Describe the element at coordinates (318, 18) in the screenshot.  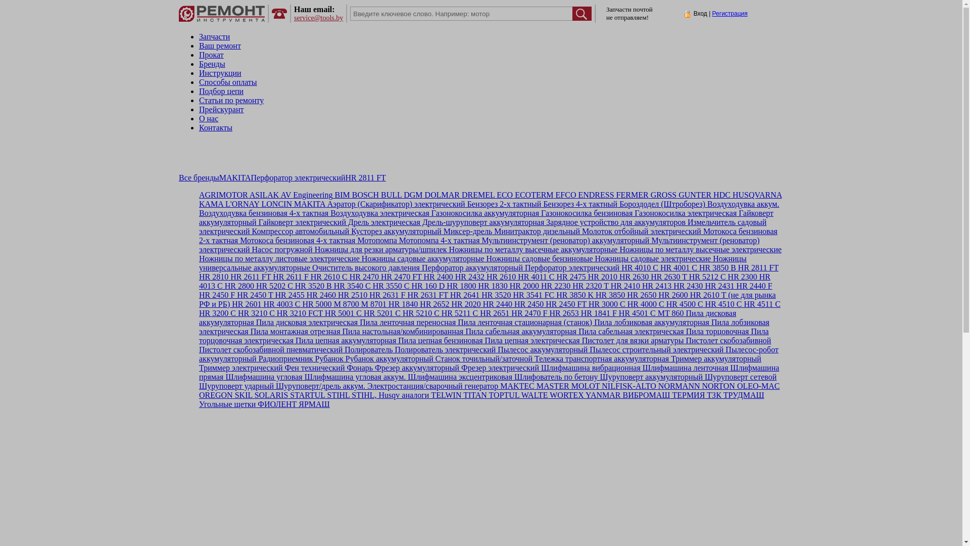
I see `'service@tools.by'` at that location.